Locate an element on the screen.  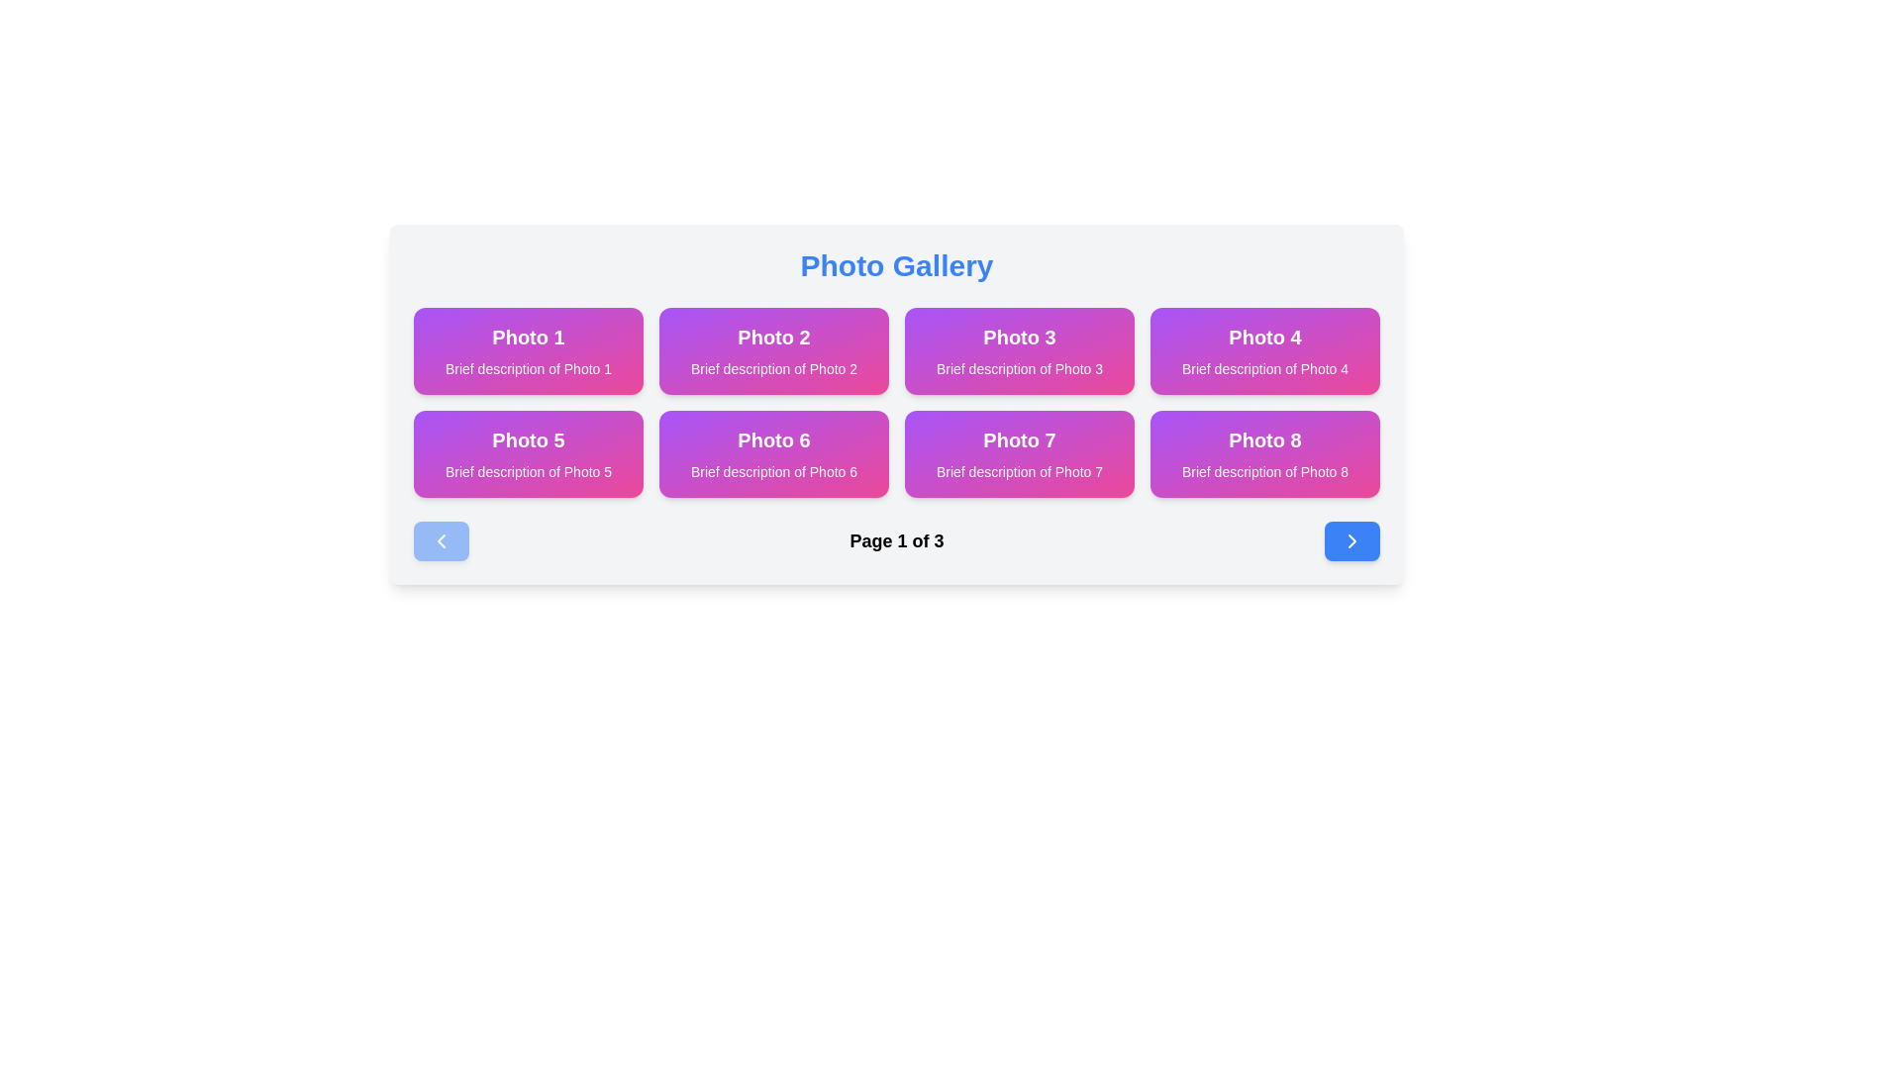
the button on the far-left side of the navigation bar to trigger any hover effects before navigating to the previous page is located at coordinates (441, 541).